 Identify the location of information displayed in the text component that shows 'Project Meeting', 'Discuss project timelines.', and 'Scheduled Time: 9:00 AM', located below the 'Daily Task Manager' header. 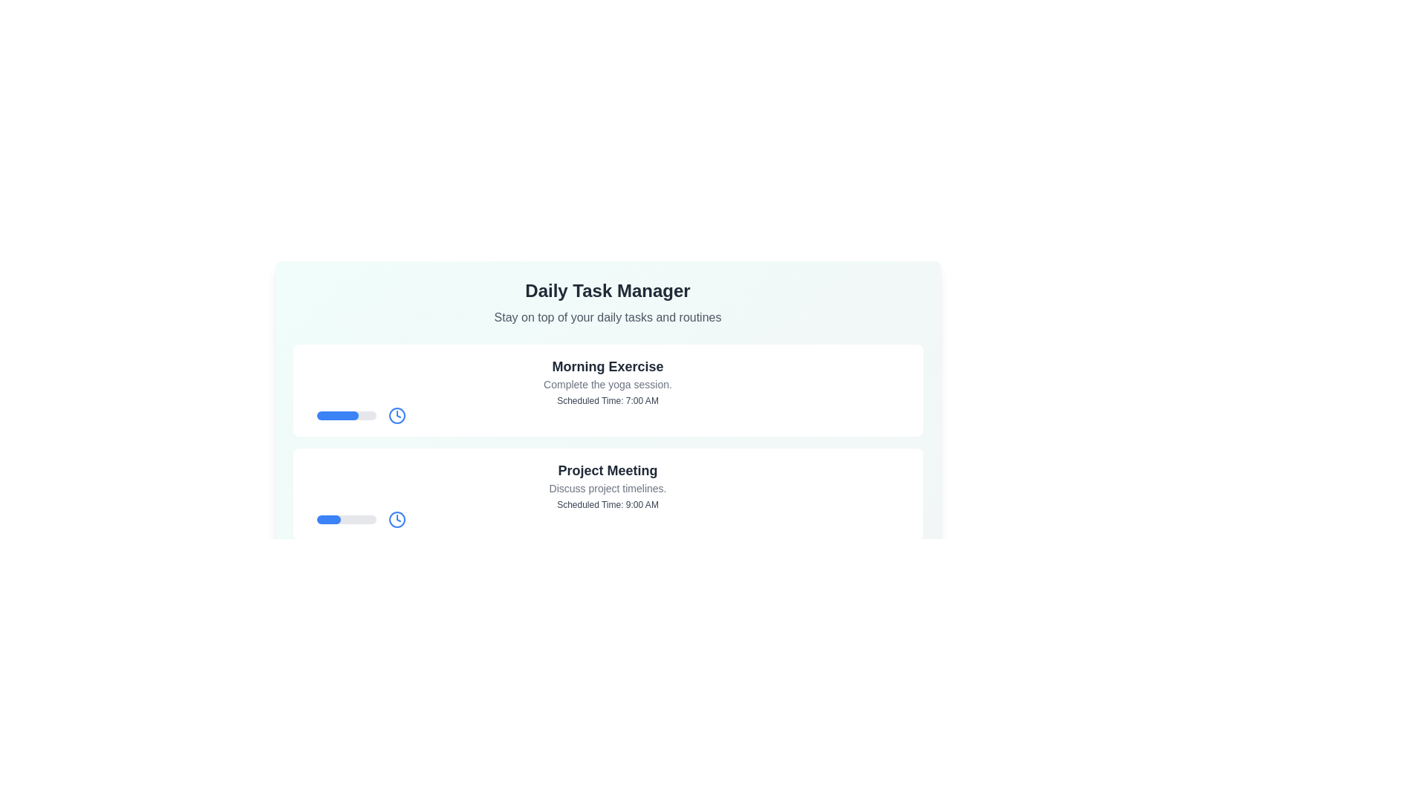
(608, 486).